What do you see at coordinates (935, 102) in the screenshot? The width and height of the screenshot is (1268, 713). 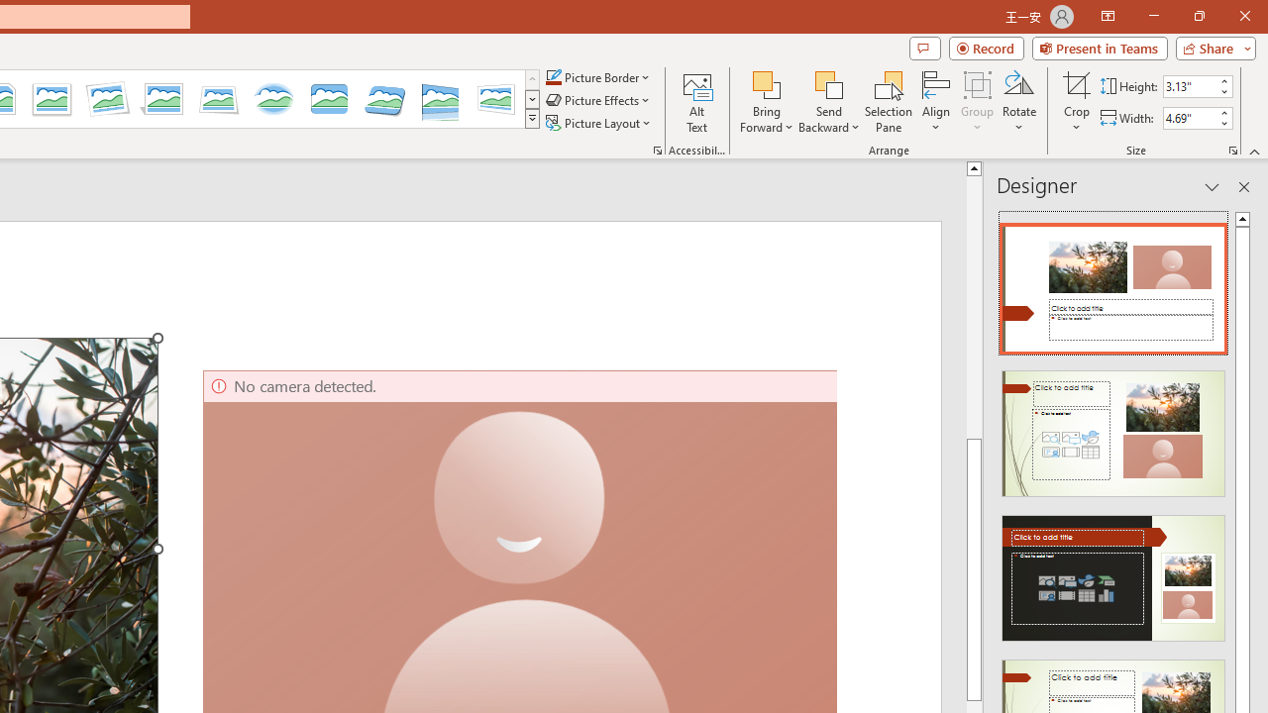 I see `'Align'` at bounding box center [935, 102].